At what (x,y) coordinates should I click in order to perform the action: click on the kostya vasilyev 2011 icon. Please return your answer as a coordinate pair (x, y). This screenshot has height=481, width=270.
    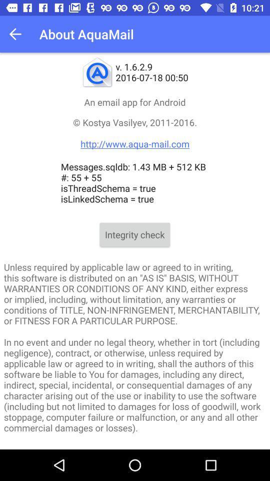
    Looking at the image, I should click on (135, 132).